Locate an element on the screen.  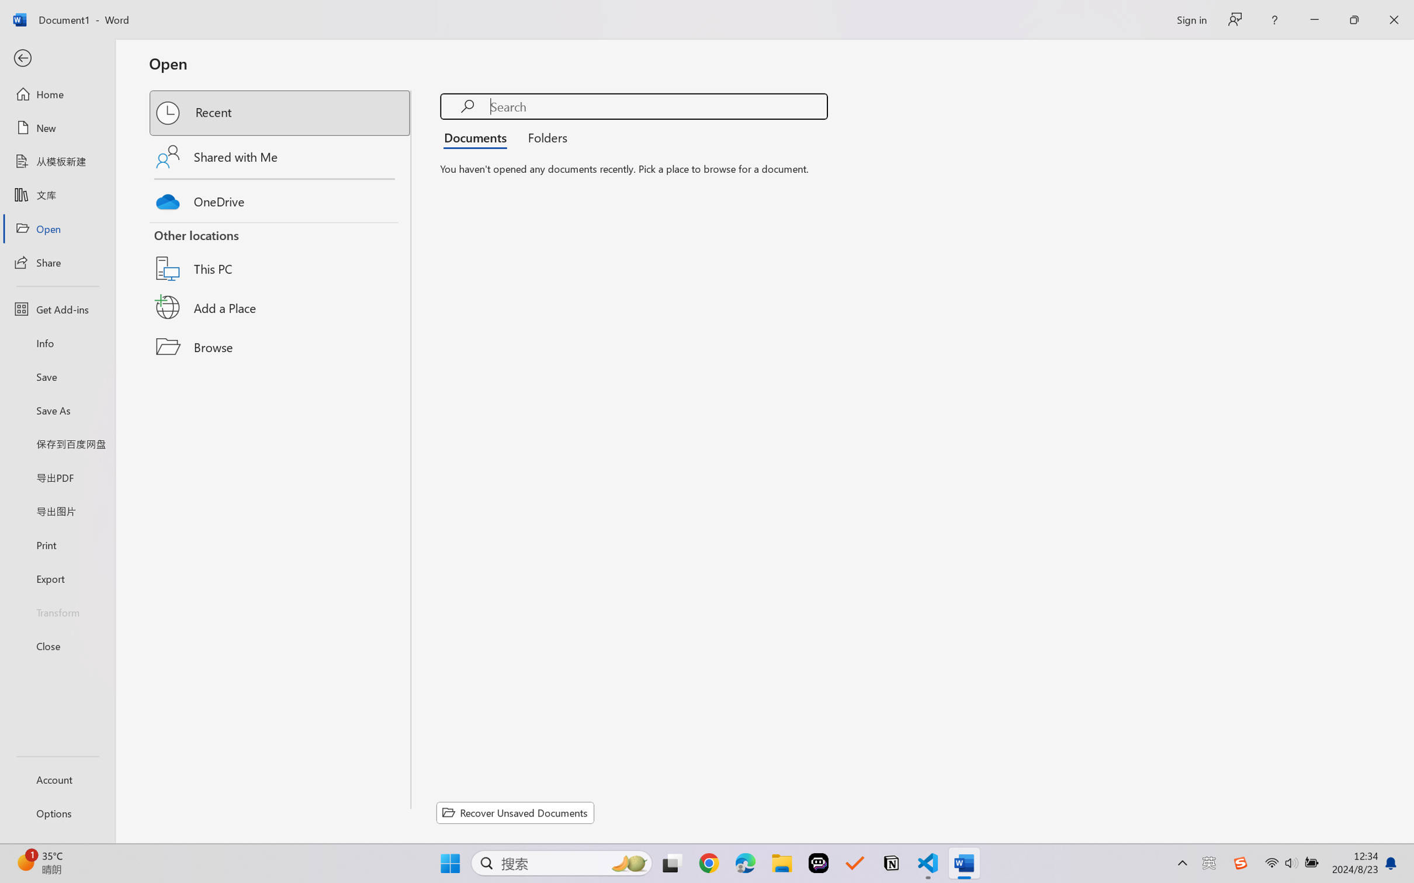
'Options' is located at coordinates (57, 812).